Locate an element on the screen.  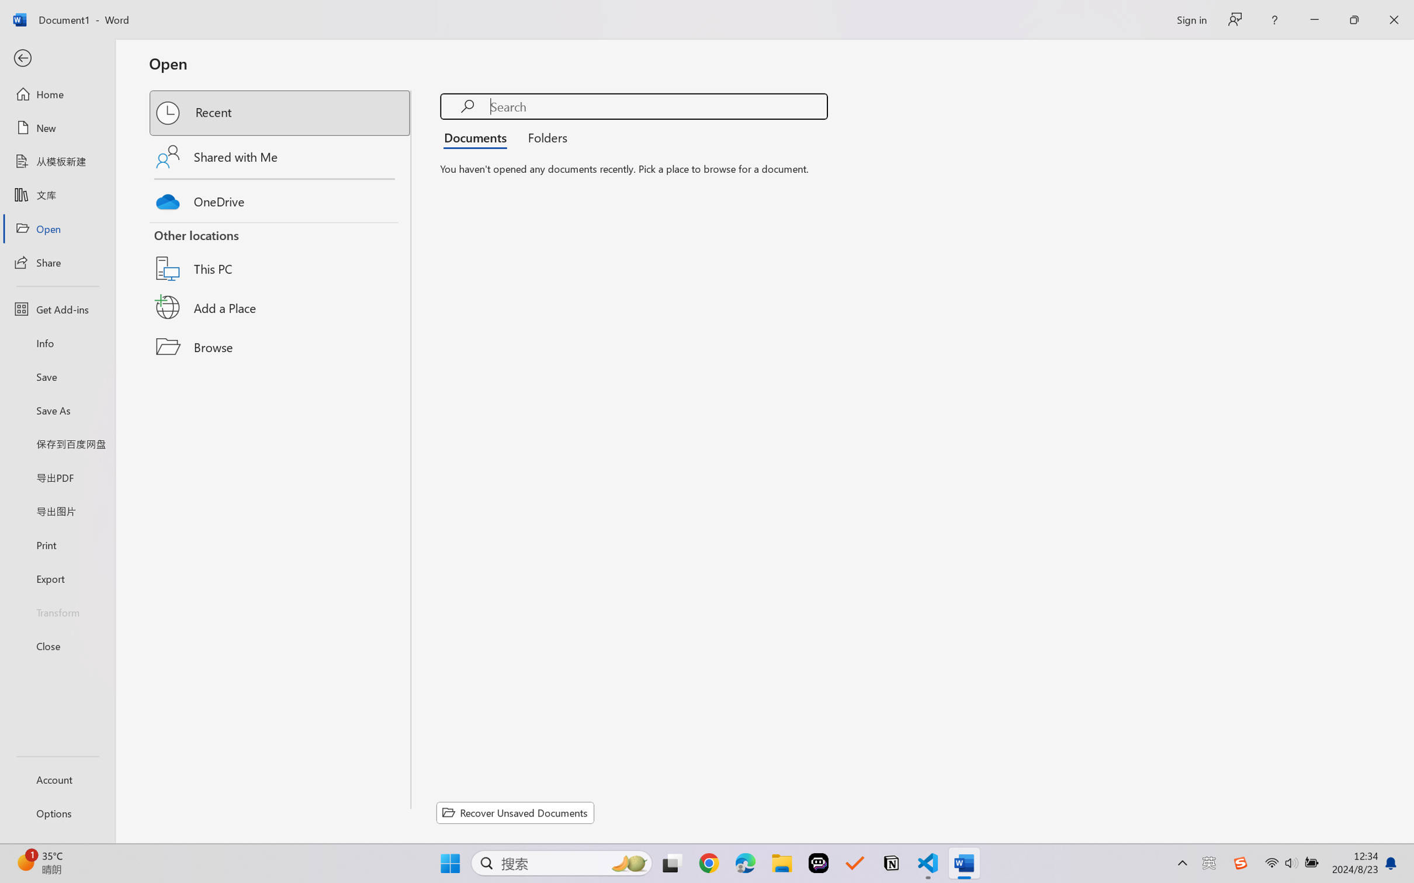
'Options' is located at coordinates (57, 812).